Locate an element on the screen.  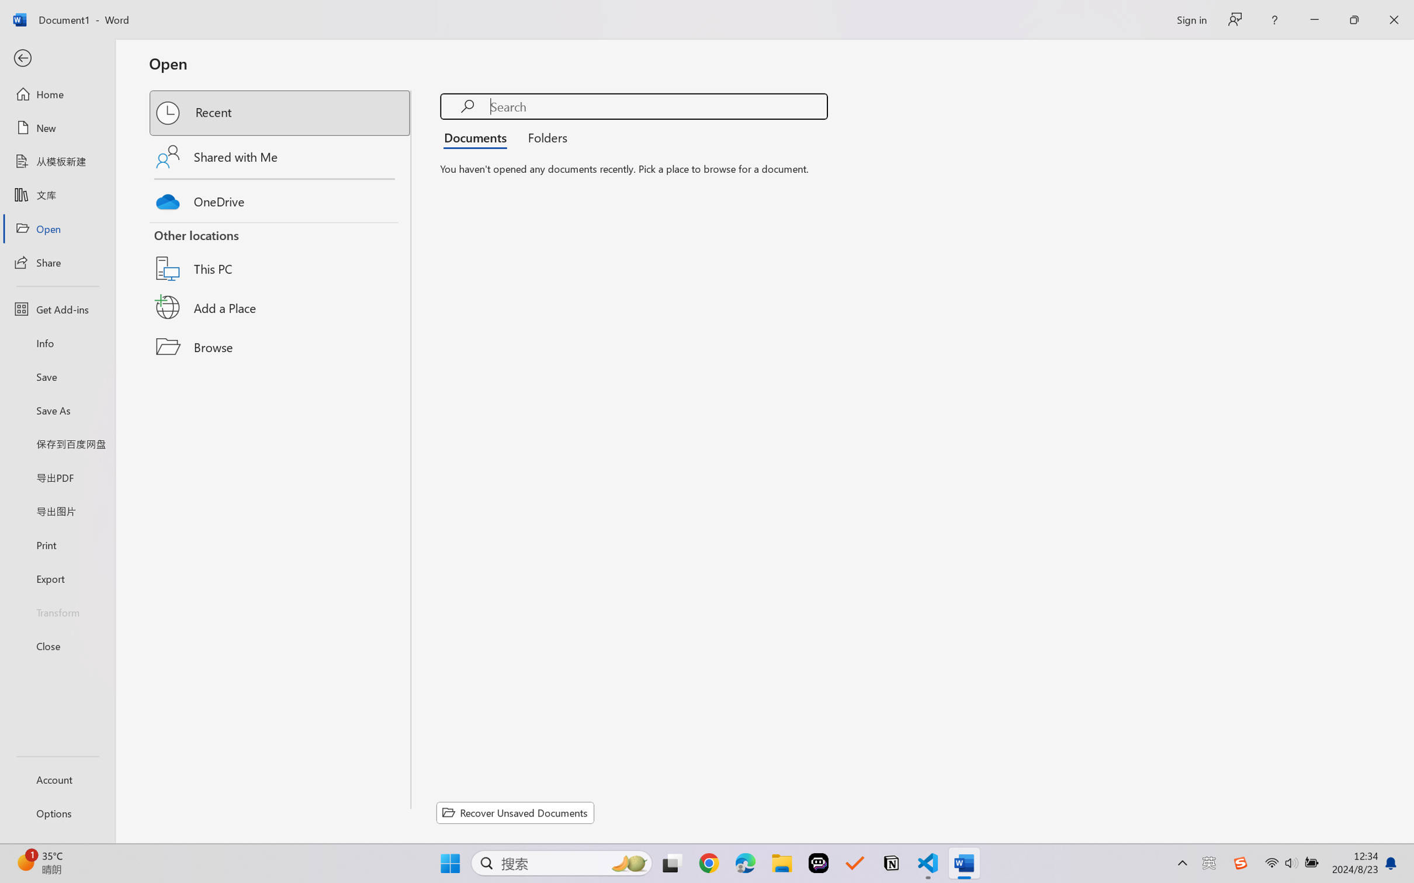
'Options' is located at coordinates (57, 812).